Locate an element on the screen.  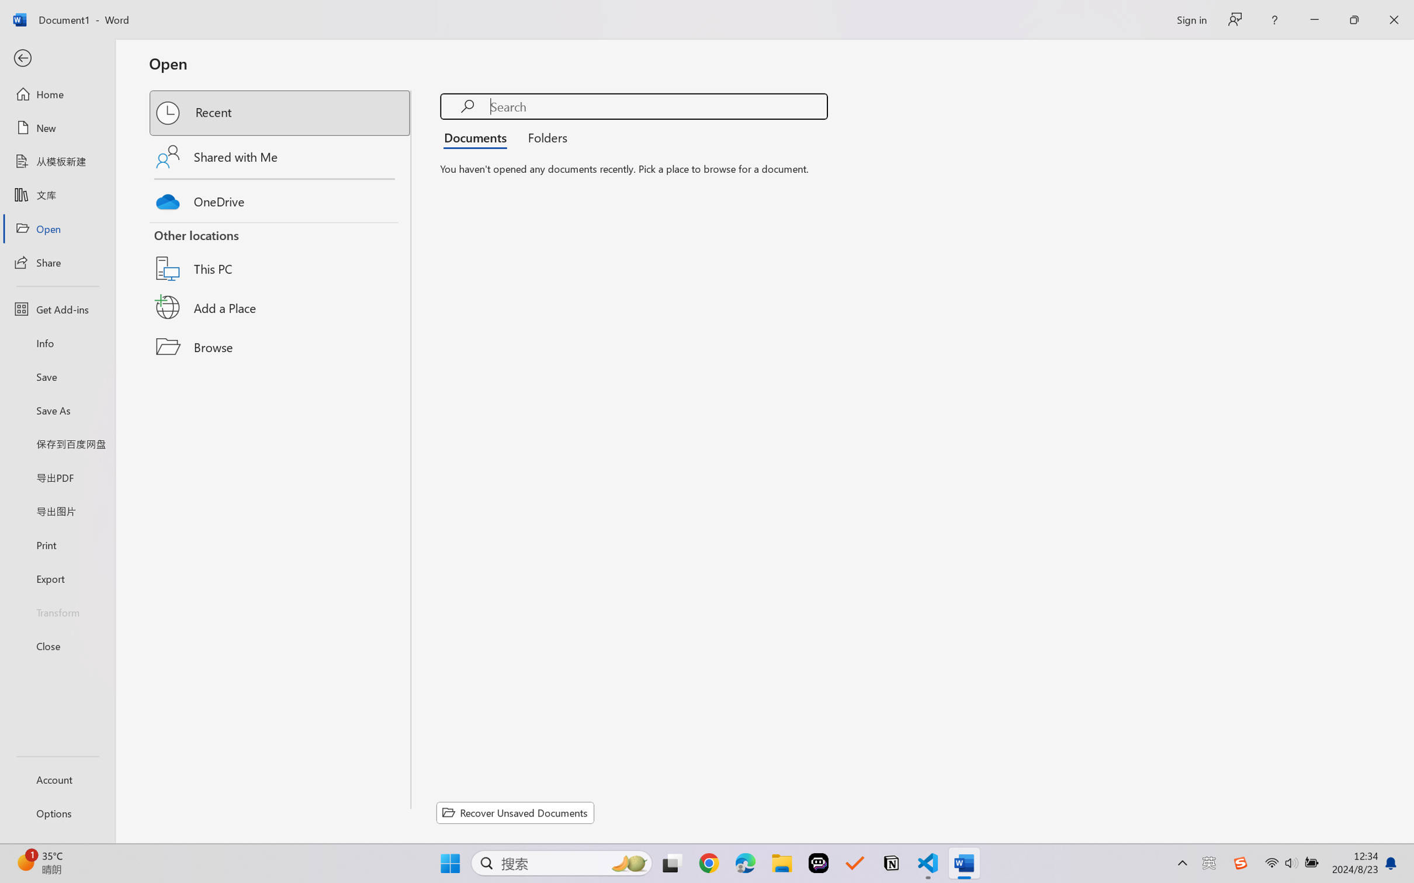
'Options' is located at coordinates (57, 812).